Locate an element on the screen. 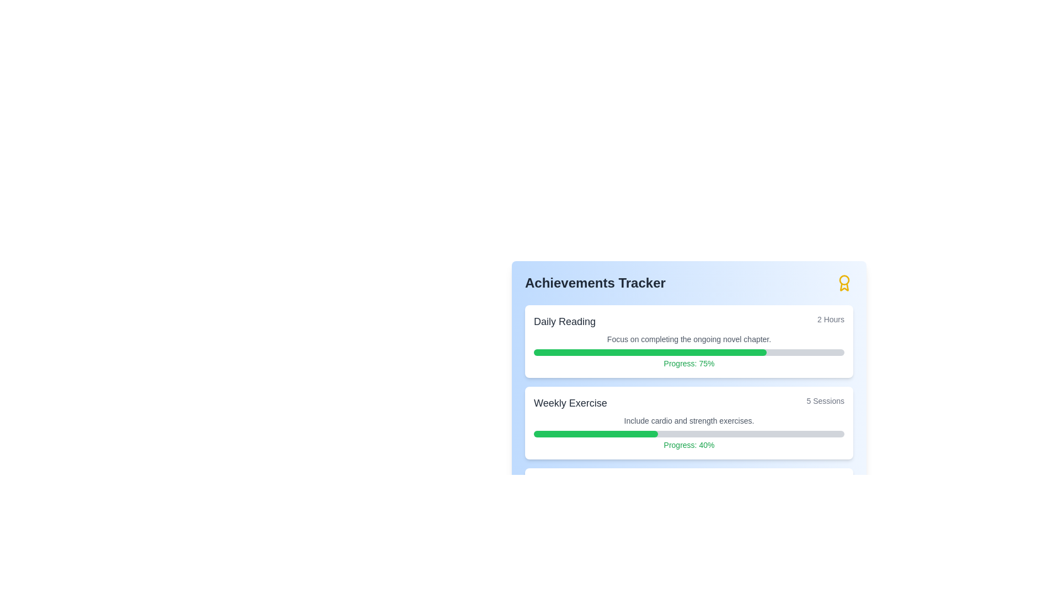 The width and height of the screenshot is (1059, 595). the progress bar of the 'Daily Reading' informational card, which is the first card in the 'Achievements Tracker' section and displays a 75% completion status is located at coordinates (688, 341).